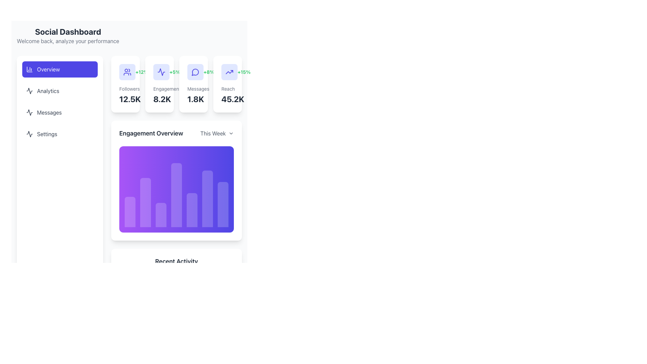  What do you see at coordinates (227, 72) in the screenshot?
I see `the trending icon, which is a blue line chart within a softly rounded rectangle` at bounding box center [227, 72].